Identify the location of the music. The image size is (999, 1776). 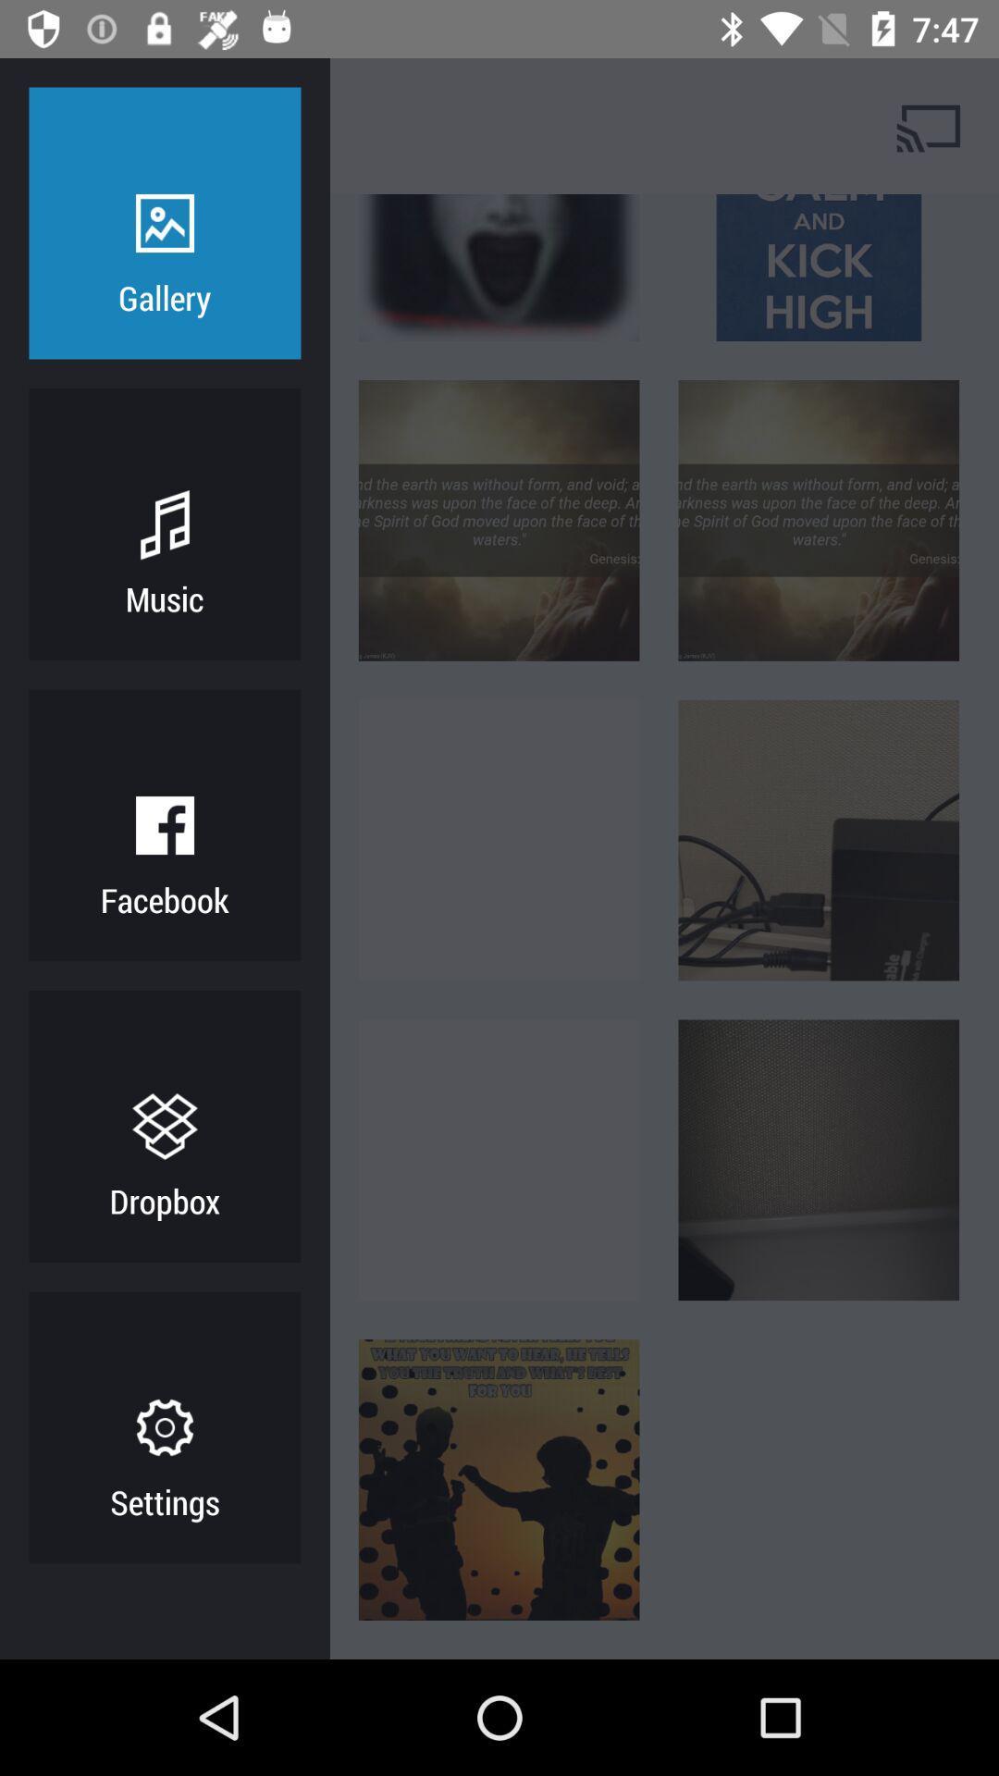
(164, 598).